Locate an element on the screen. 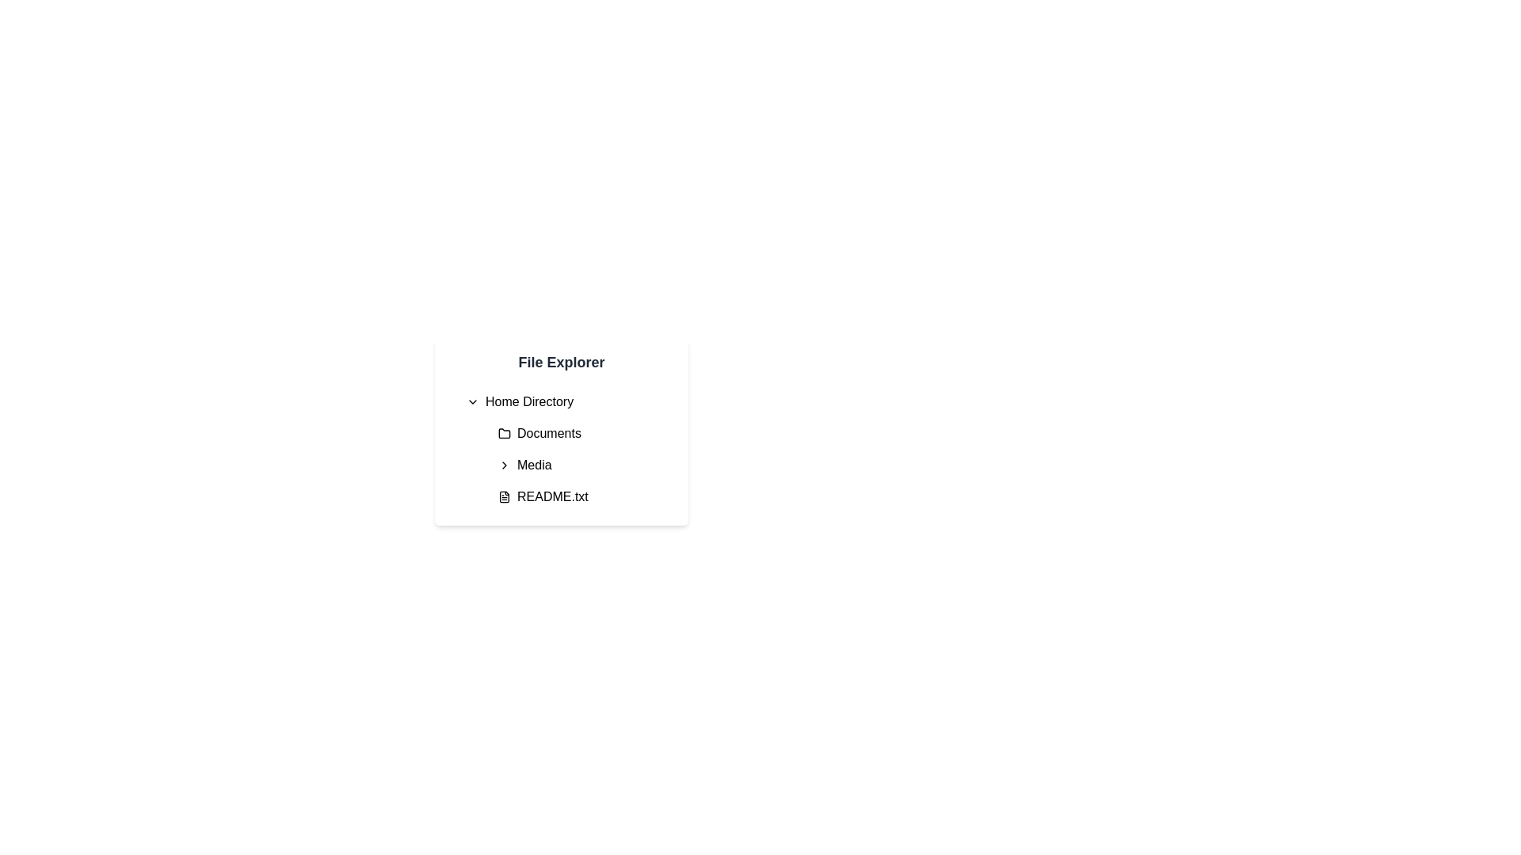  the 'Home Directory' label in the file explorer is located at coordinates (529, 401).